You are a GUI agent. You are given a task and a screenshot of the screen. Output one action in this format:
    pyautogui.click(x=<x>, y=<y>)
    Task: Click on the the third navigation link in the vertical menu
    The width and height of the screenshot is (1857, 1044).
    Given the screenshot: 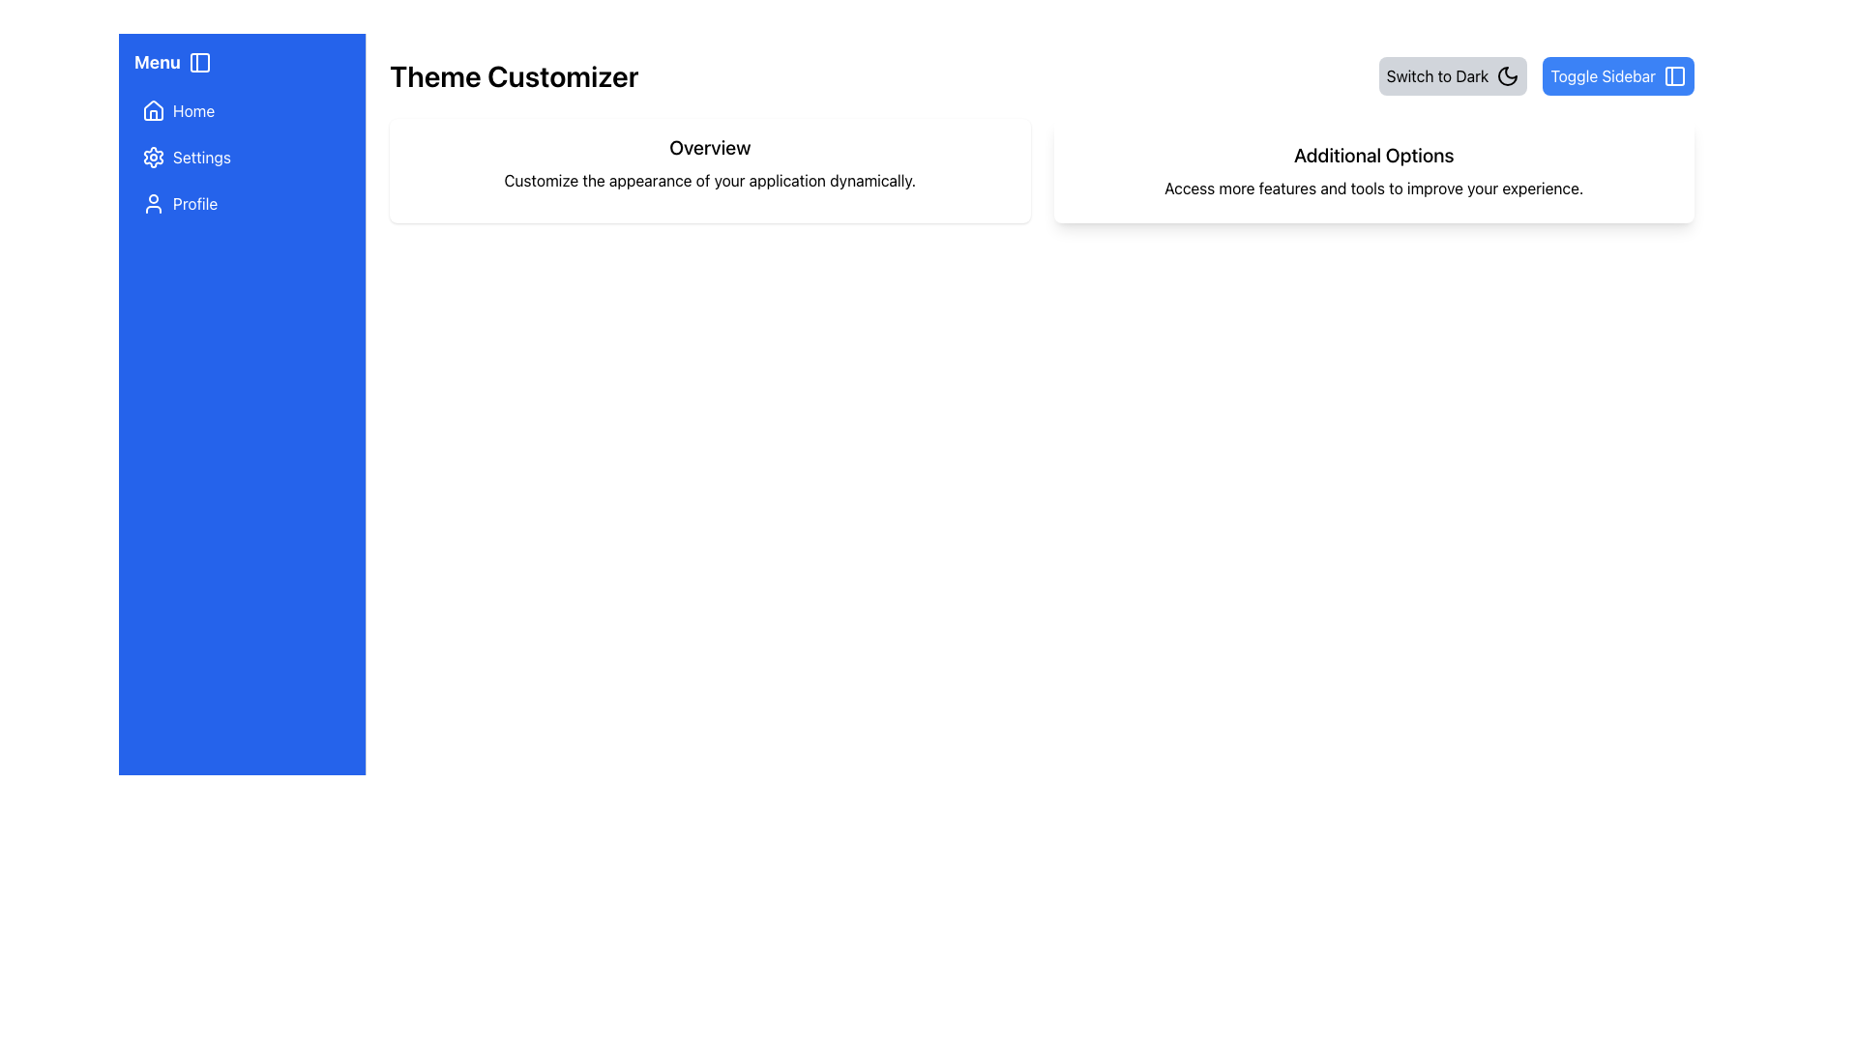 What is the action you would take?
    pyautogui.click(x=241, y=204)
    